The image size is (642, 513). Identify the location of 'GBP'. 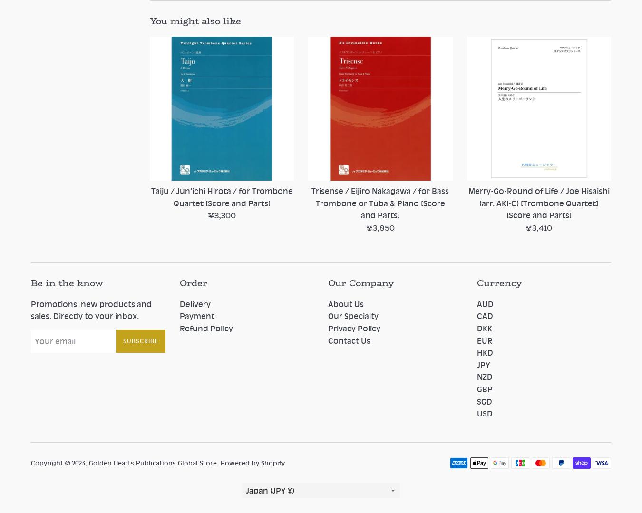
(476, 388).